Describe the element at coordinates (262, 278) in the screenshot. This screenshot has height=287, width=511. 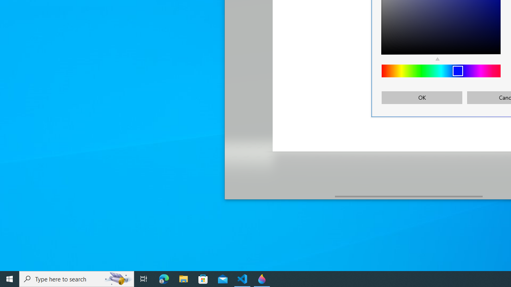
I see `'Paint 3D - 1 running window'` at that location.